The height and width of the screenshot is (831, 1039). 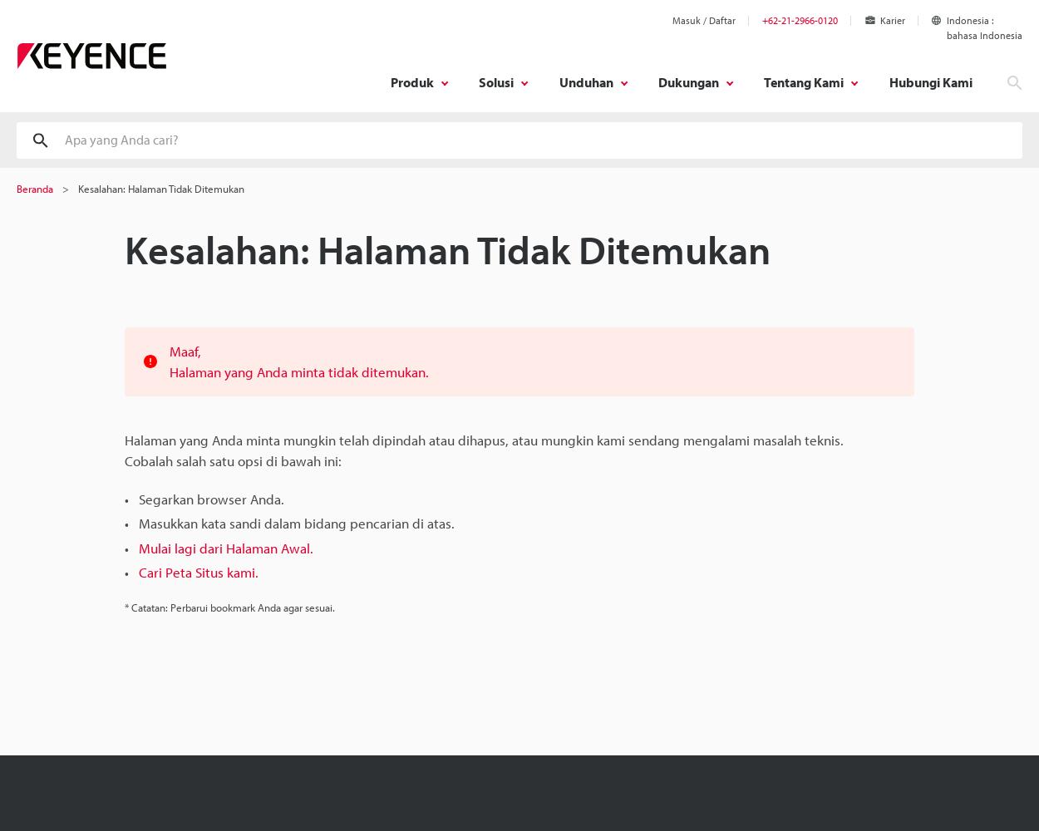 I want to click on 'Indonesia', so click(x=968, y=20).